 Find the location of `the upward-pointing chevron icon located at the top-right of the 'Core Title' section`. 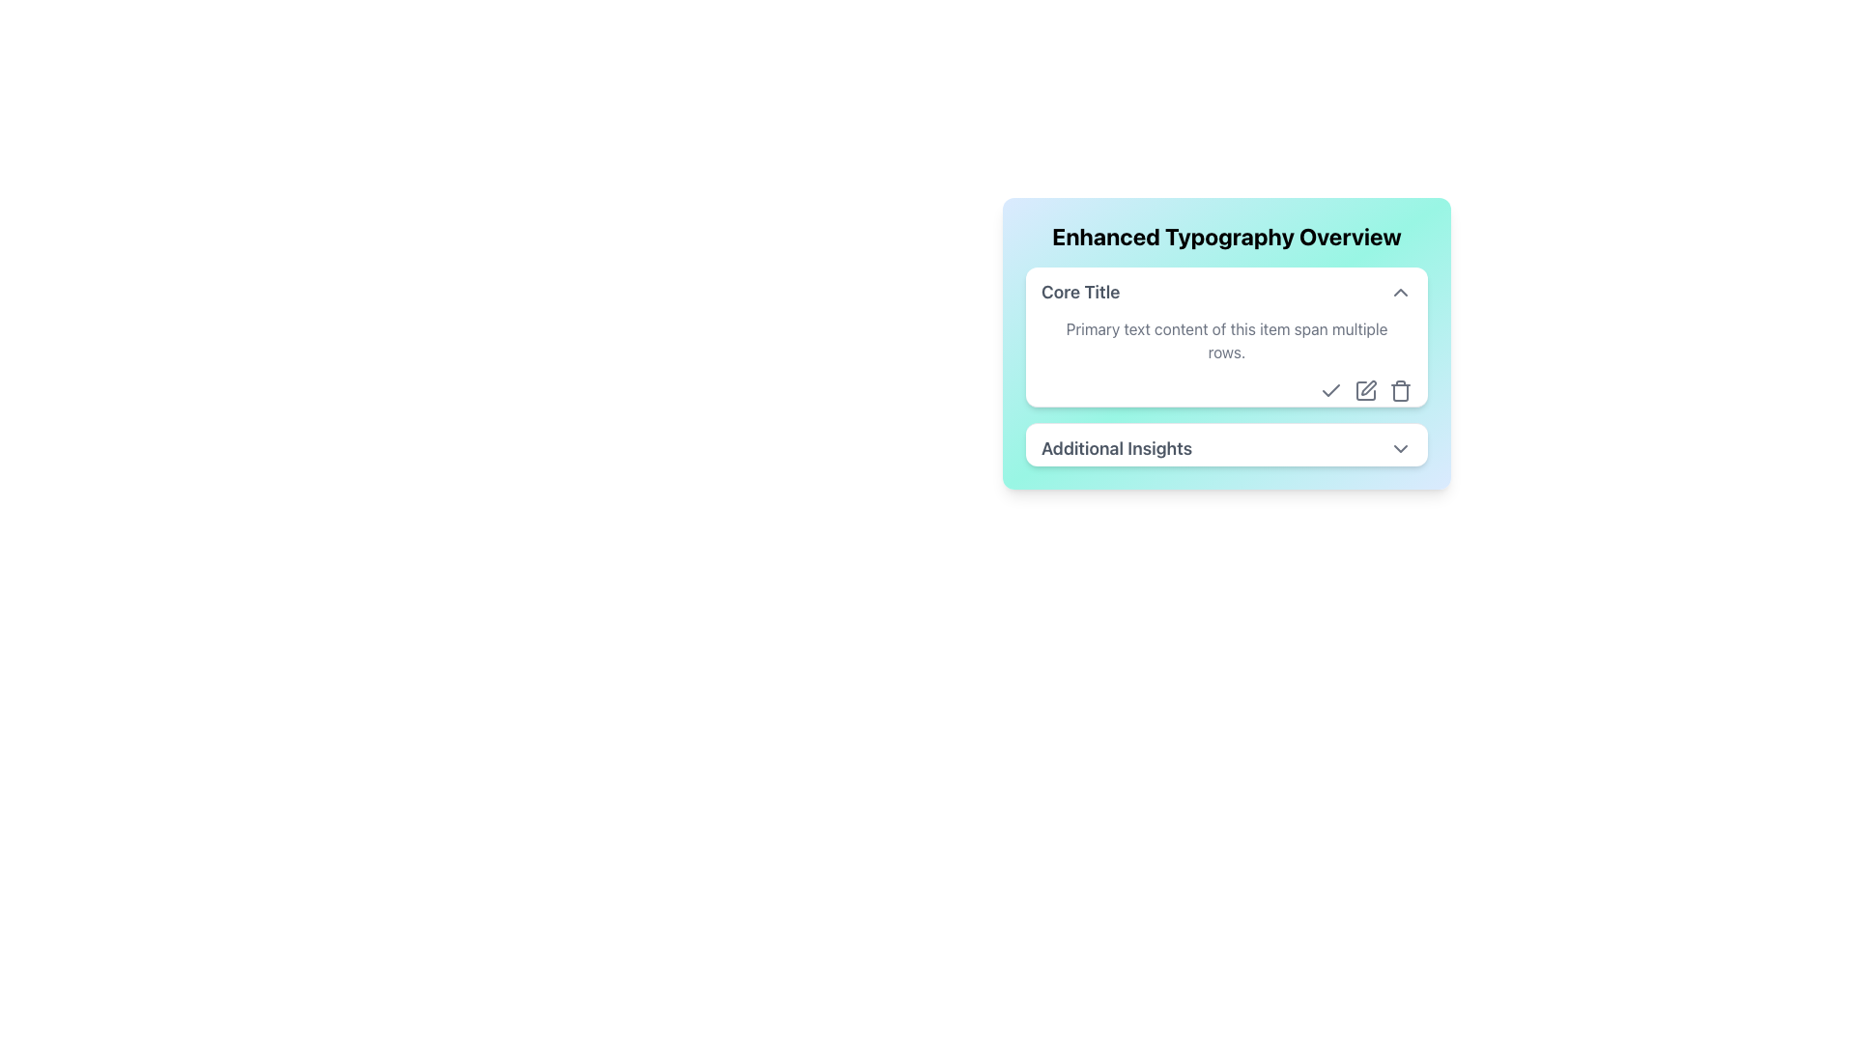

the upward-pointing chevron icon located at the top-right of the 'Core Title' section is located at coordinates (1400, 293).